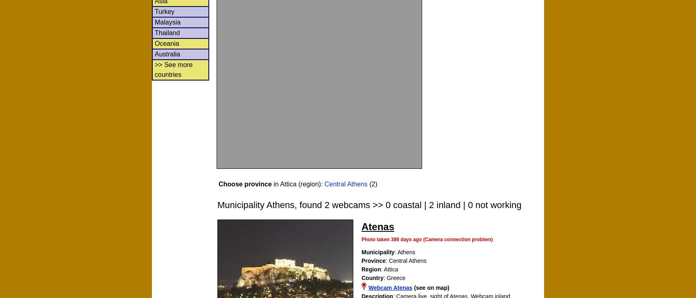 The image size is (696, 298). Describe the element at coordinates (164, 11) in the screenshot. I see `'Turkey'` at that location.